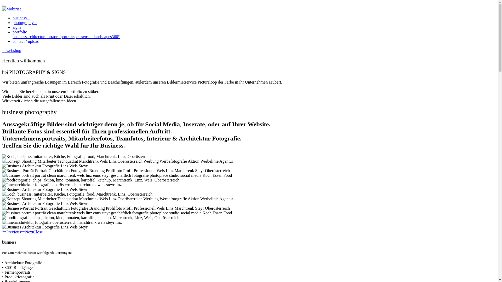 This screenshot has height=282, width=502. I want to click on 'sensual', so click(87, 36).